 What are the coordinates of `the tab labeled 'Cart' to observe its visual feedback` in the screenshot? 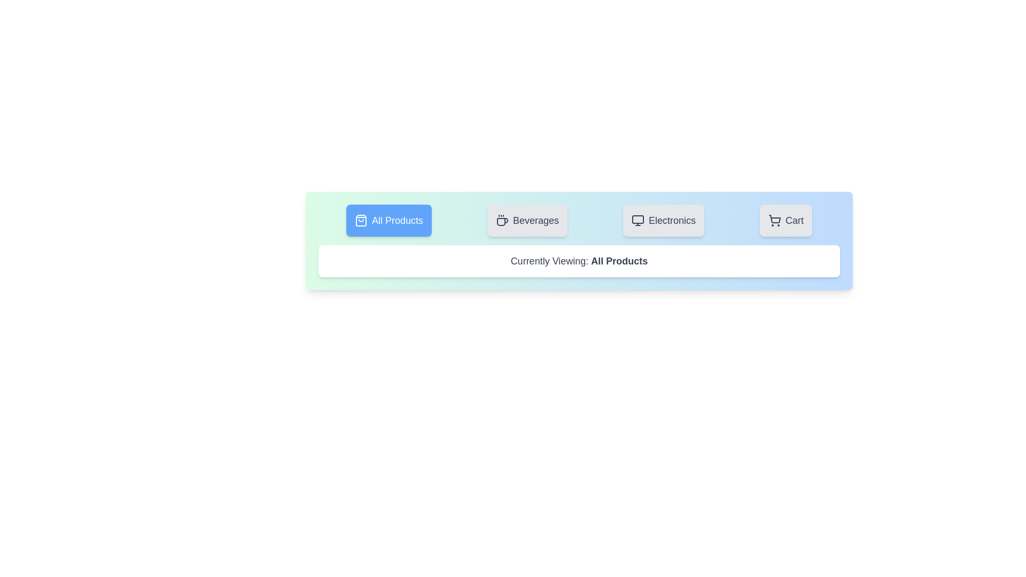 It's located at (786, 220).